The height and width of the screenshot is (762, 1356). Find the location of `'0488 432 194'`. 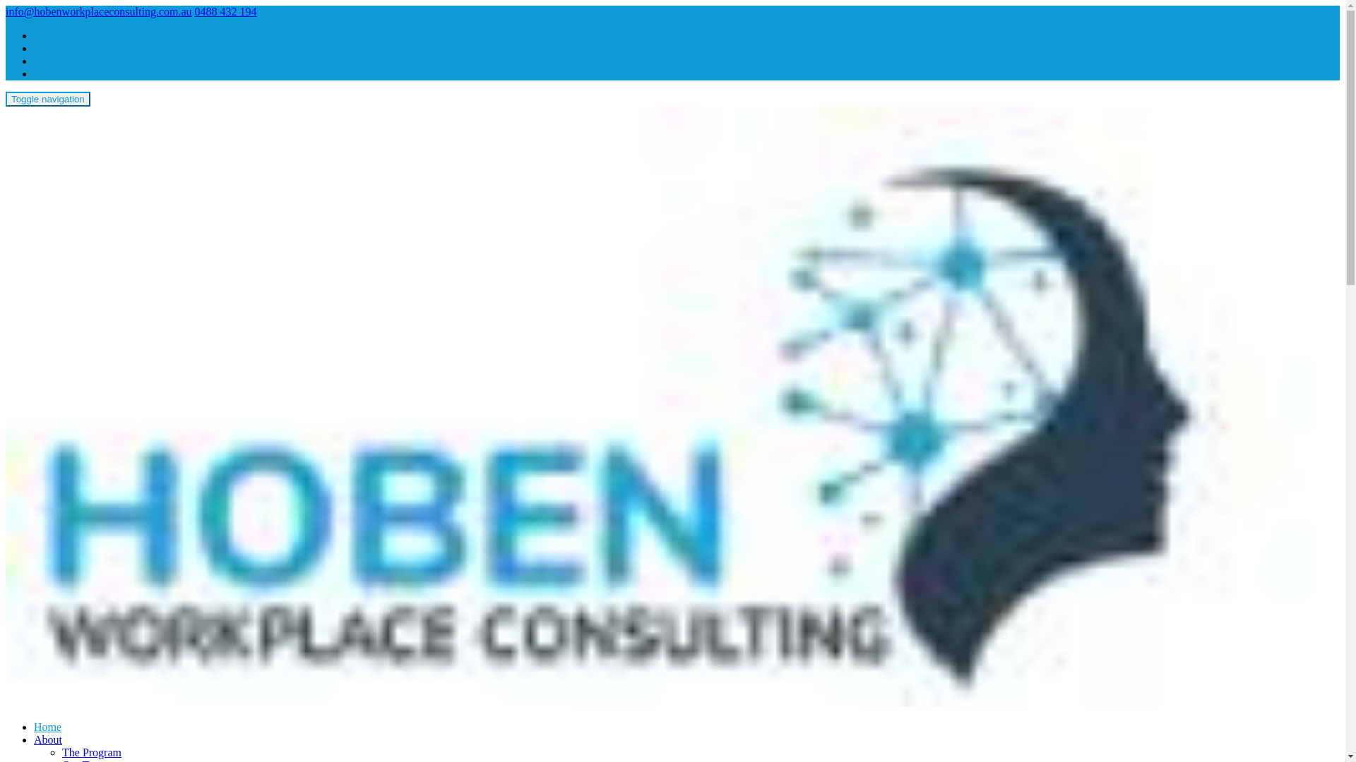

'0488 432 194' is located at coordinates (226, 11).